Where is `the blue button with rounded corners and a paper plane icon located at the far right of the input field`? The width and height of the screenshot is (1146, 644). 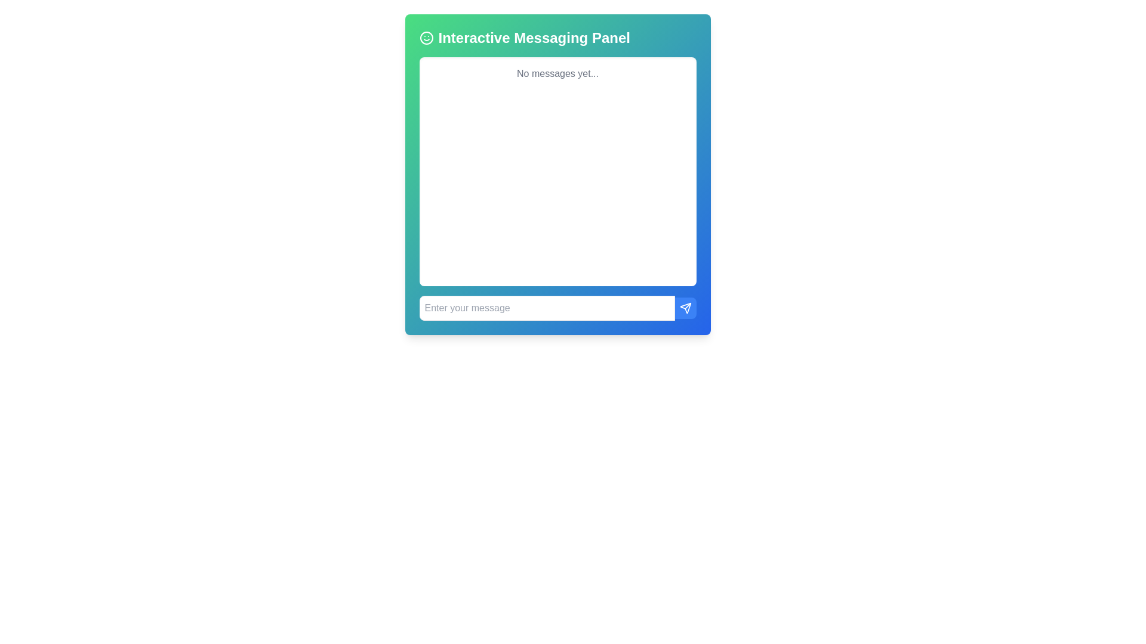 the blue button with rounded corners and a paper plane icon located at the far right of the input field is located at coordinates (685, 307).